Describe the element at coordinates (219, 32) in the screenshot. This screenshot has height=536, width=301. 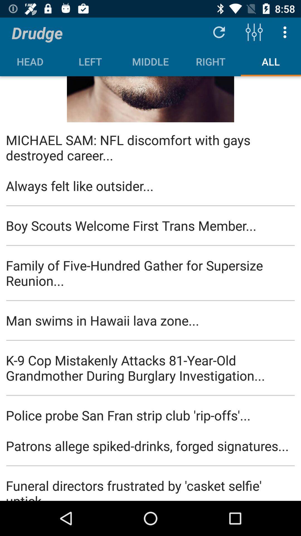
I see `the item above the right icon` at that location.